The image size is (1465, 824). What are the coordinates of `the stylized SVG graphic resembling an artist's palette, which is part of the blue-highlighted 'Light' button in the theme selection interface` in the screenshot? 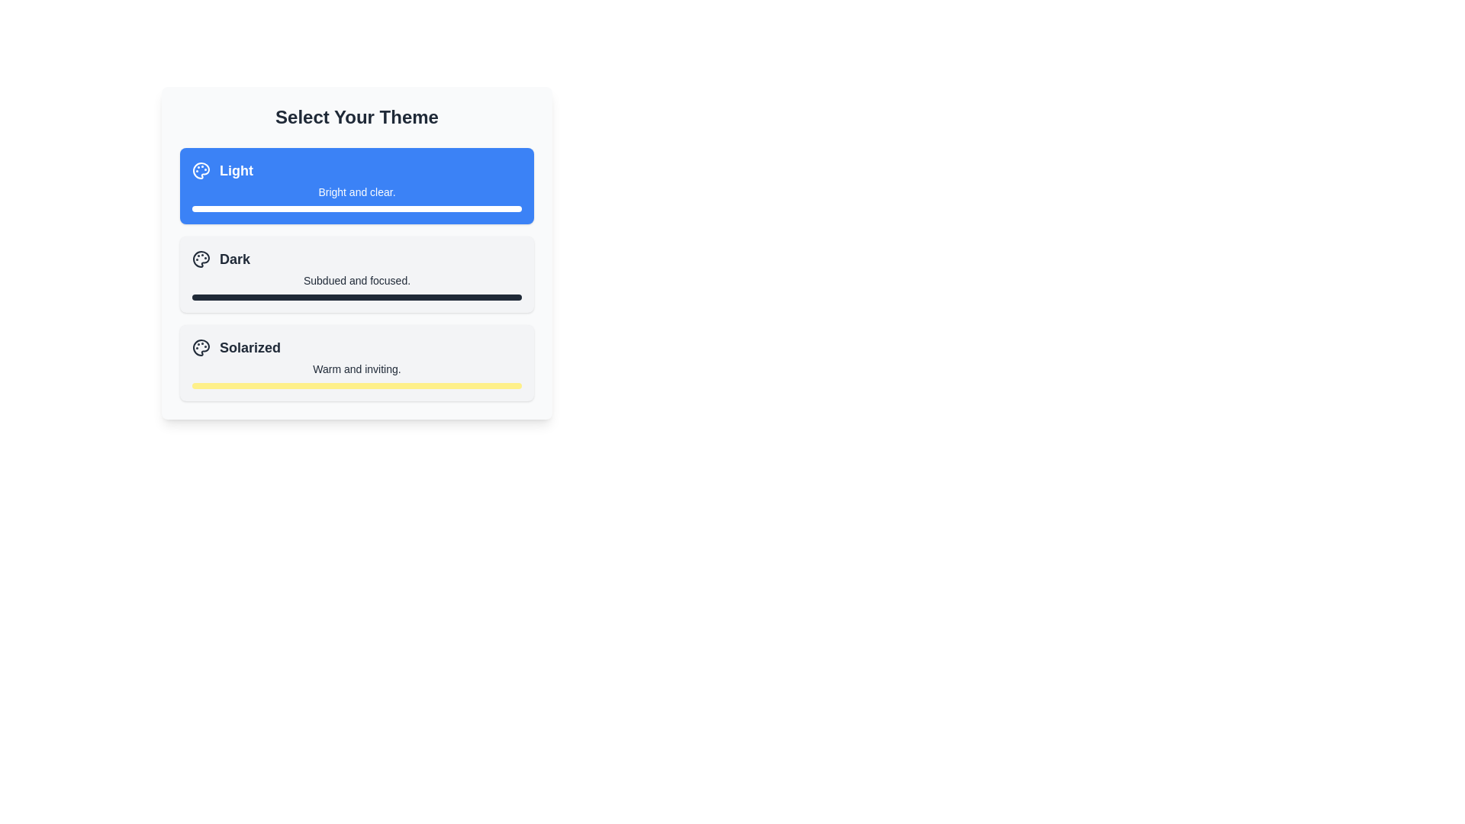 It's located at (201, 170).